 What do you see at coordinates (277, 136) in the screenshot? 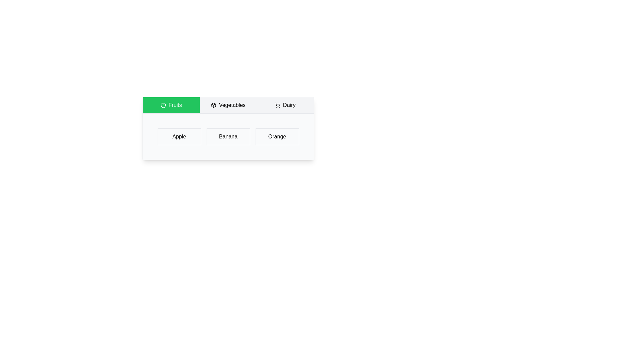
I see `the item Orange in the selected tab` at bounding box center [277, 136].